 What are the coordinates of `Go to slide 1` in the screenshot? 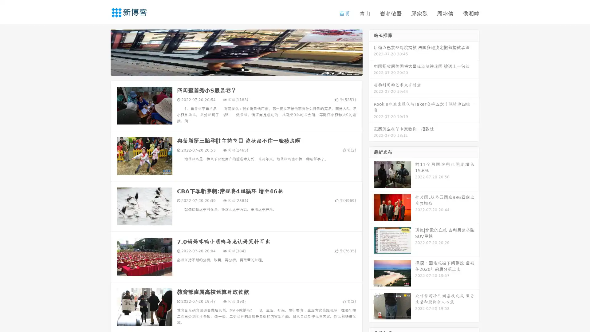 It's located at (230, 69).